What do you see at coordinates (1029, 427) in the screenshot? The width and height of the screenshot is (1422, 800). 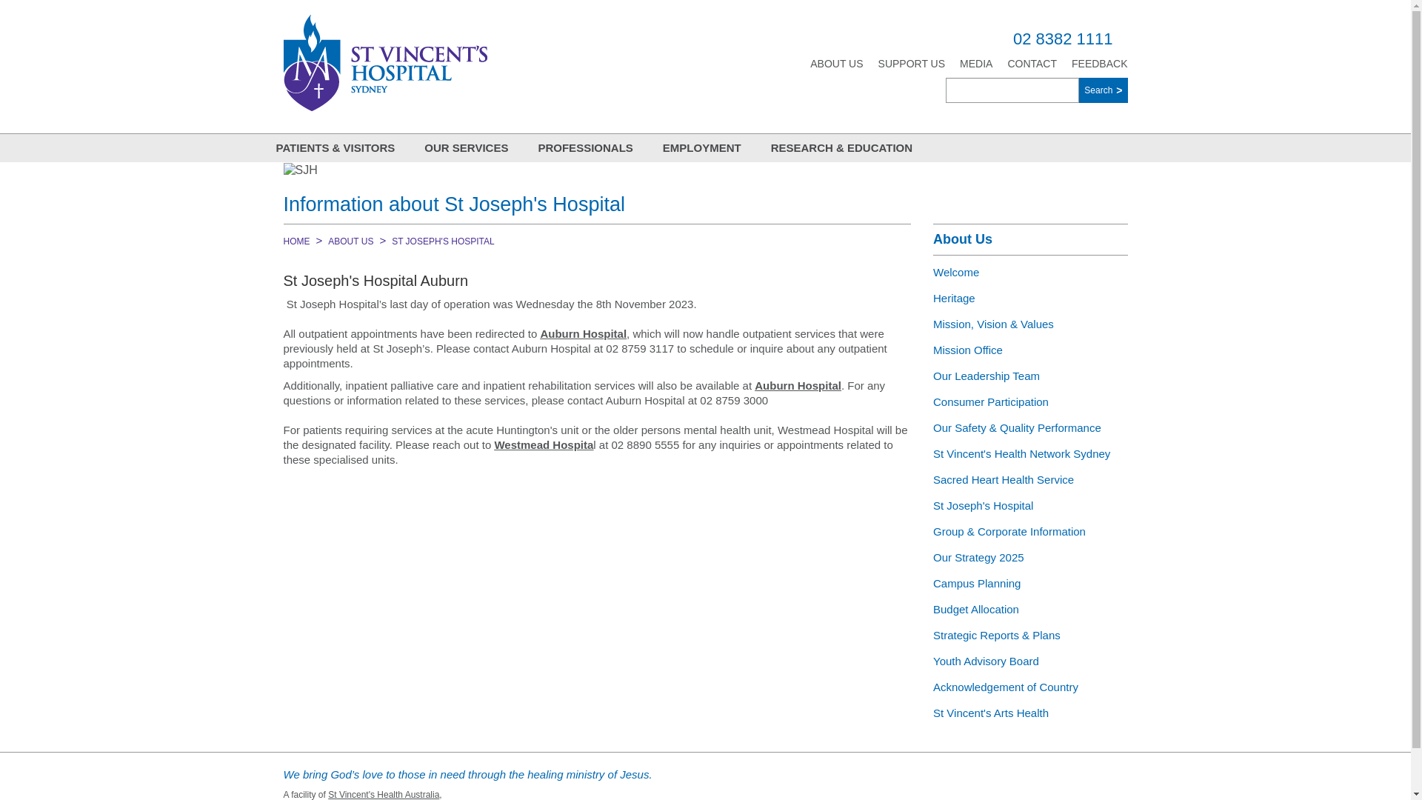 I see `'Our Safety & Quality Performance'` at bounding box center [1029, 427].